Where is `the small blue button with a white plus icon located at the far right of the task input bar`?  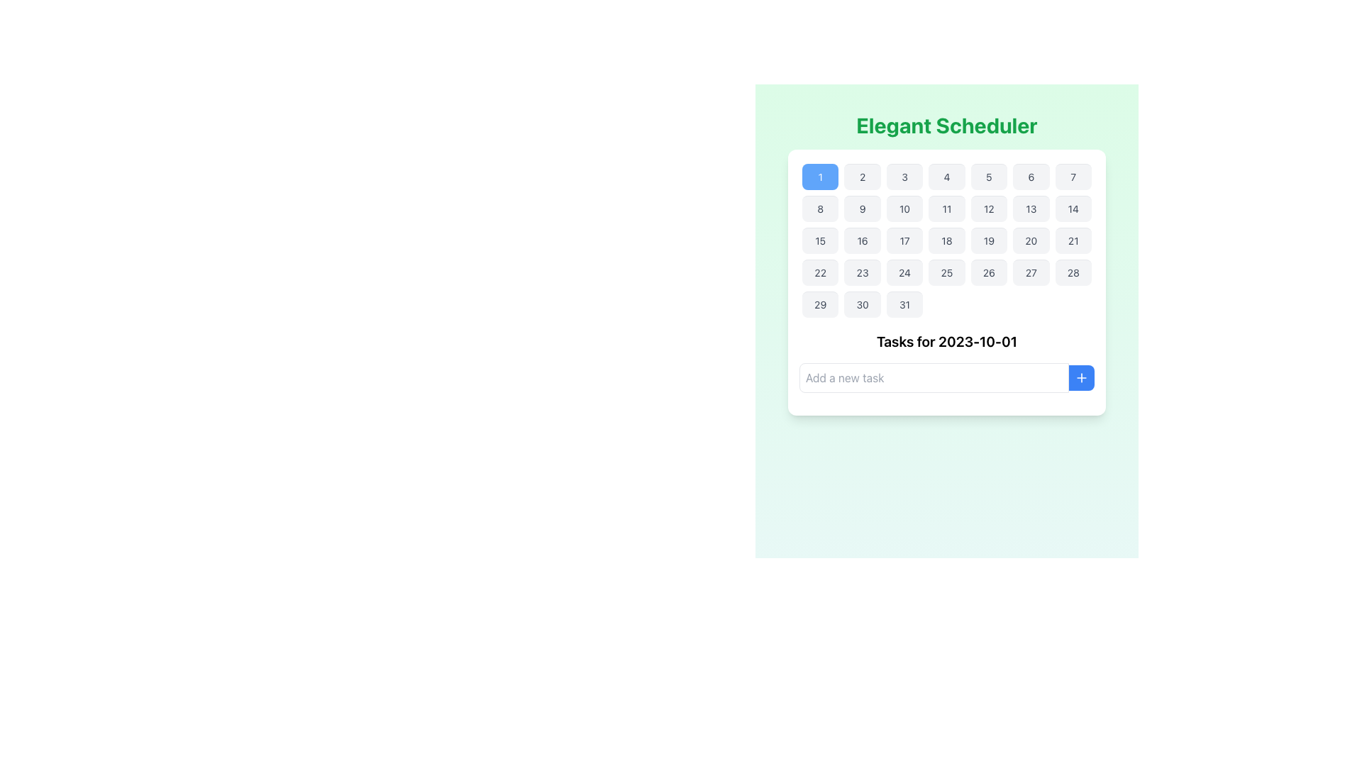
the small blue button with a white plus icon located at the far right of the task input bar is located at coordinates (1081, 377).